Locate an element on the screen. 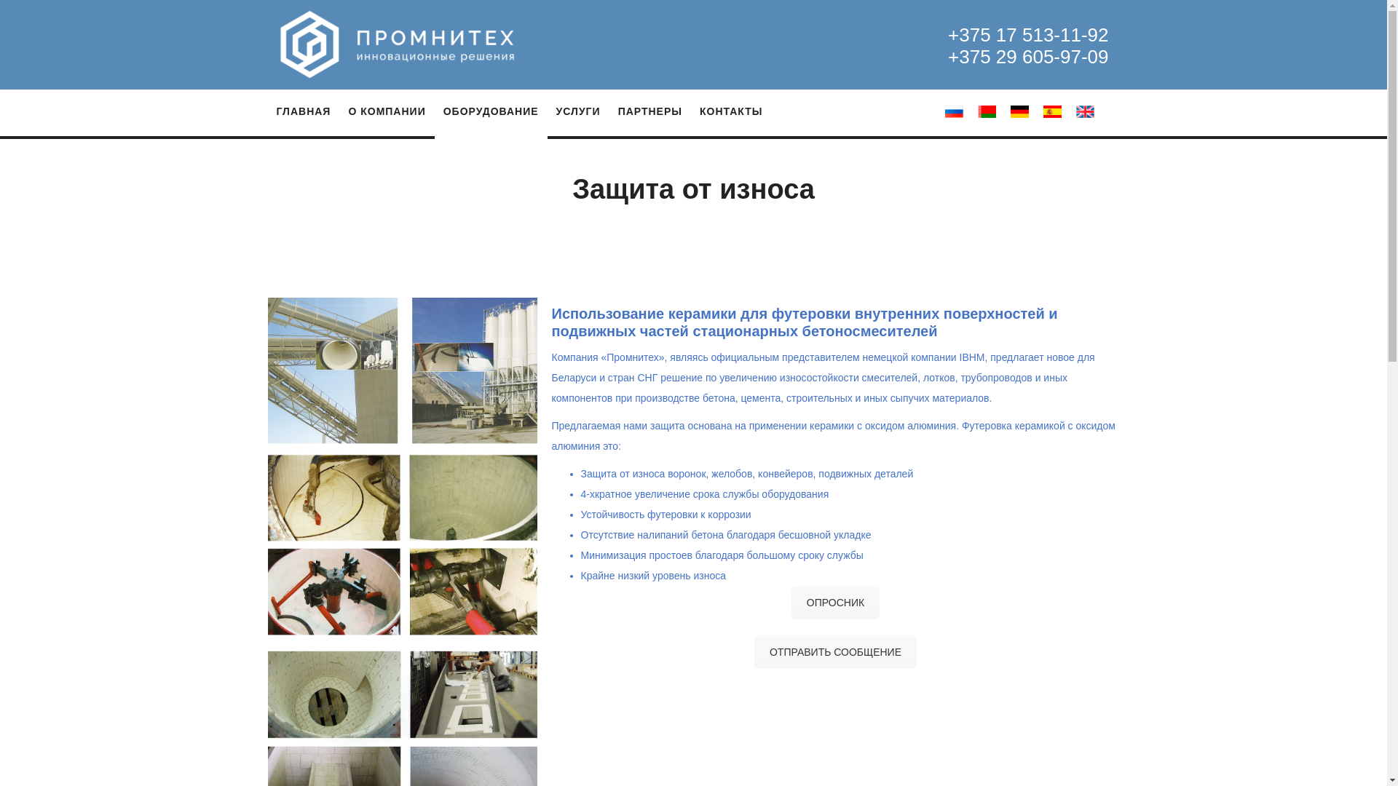 The image size is (1398, 786). 'Deutsch' is located at coordinates (1019, 111).